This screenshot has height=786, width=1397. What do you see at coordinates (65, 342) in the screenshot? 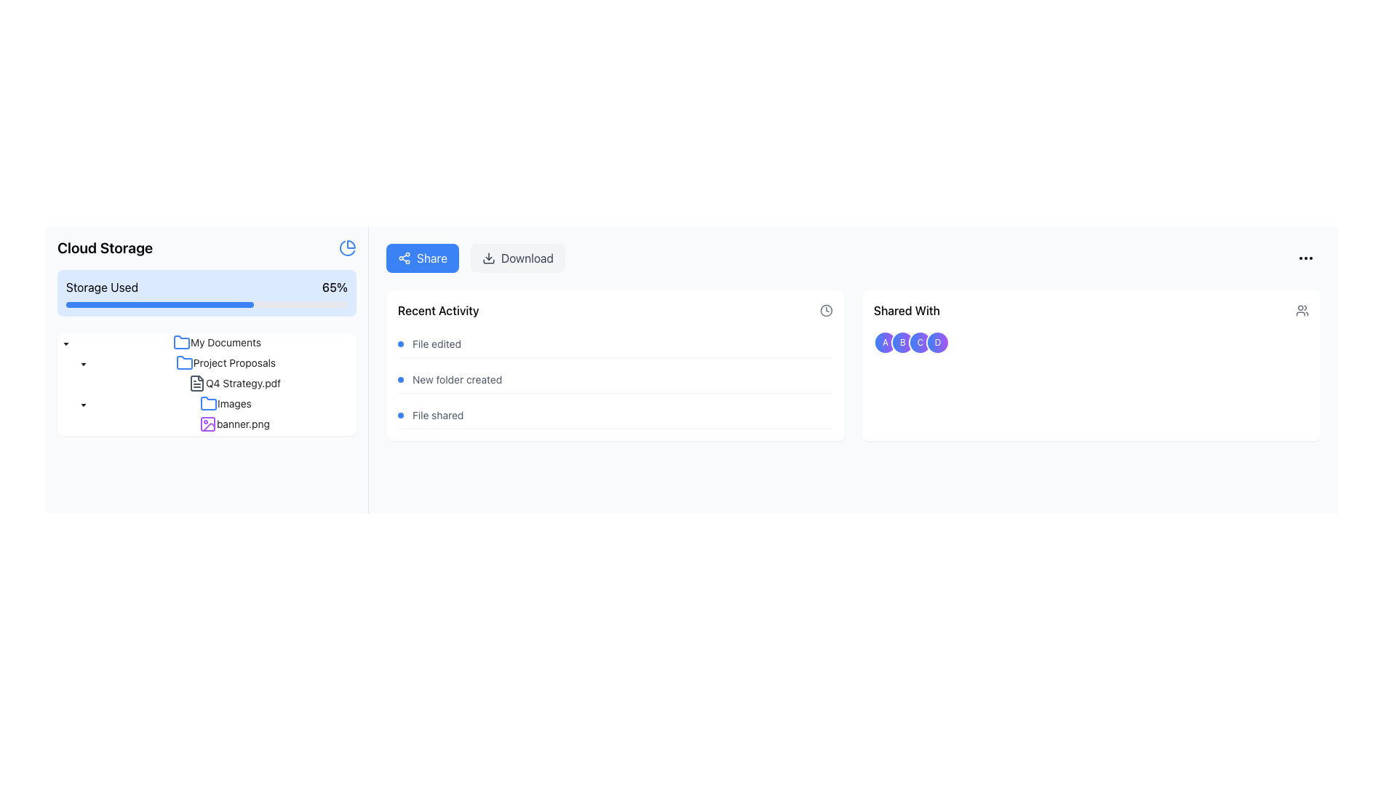
I see `the Toggle button located next to the 'My Documents' item in the left side panel` at bounding box center [65, 342].